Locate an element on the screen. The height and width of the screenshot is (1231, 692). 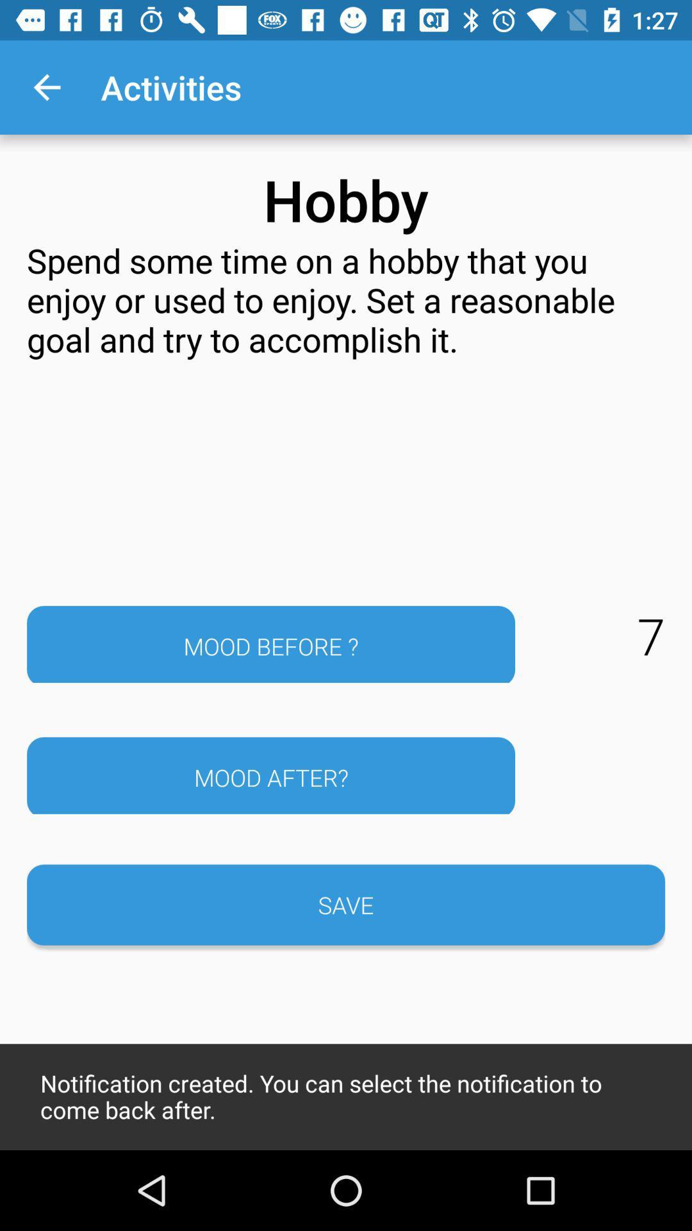
save icon is located at coordinates (346, 904).